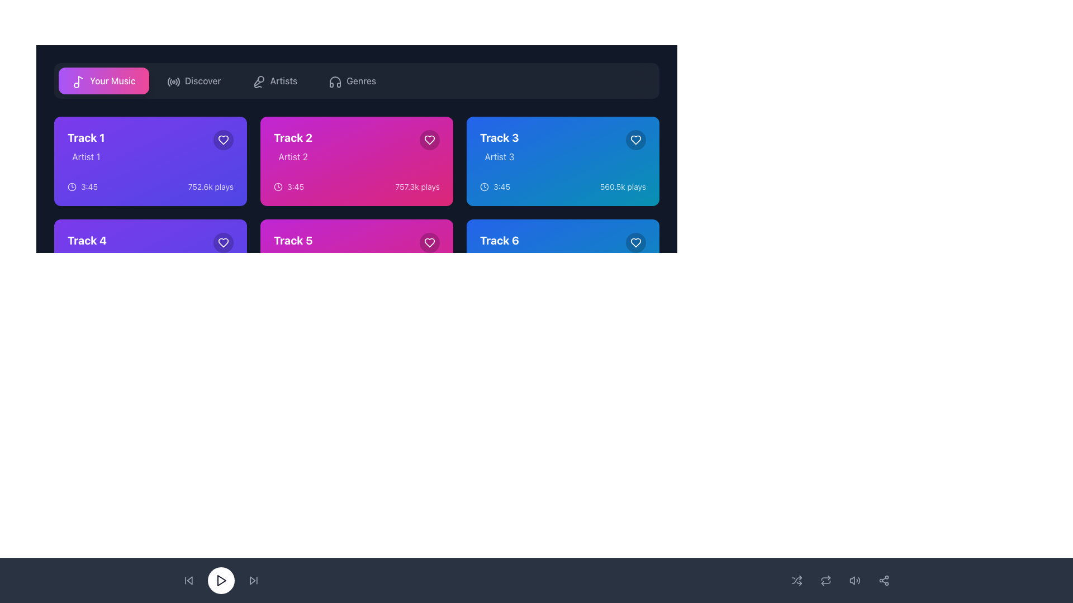 Image resolution: width=1073 pixels, height=603 pixels. Describe the element at coordinates (334, 80) in the screenshot. I see `the small gray headphone icon located in the top navigation bar, positioned beside the text 'Genres'` at that location.